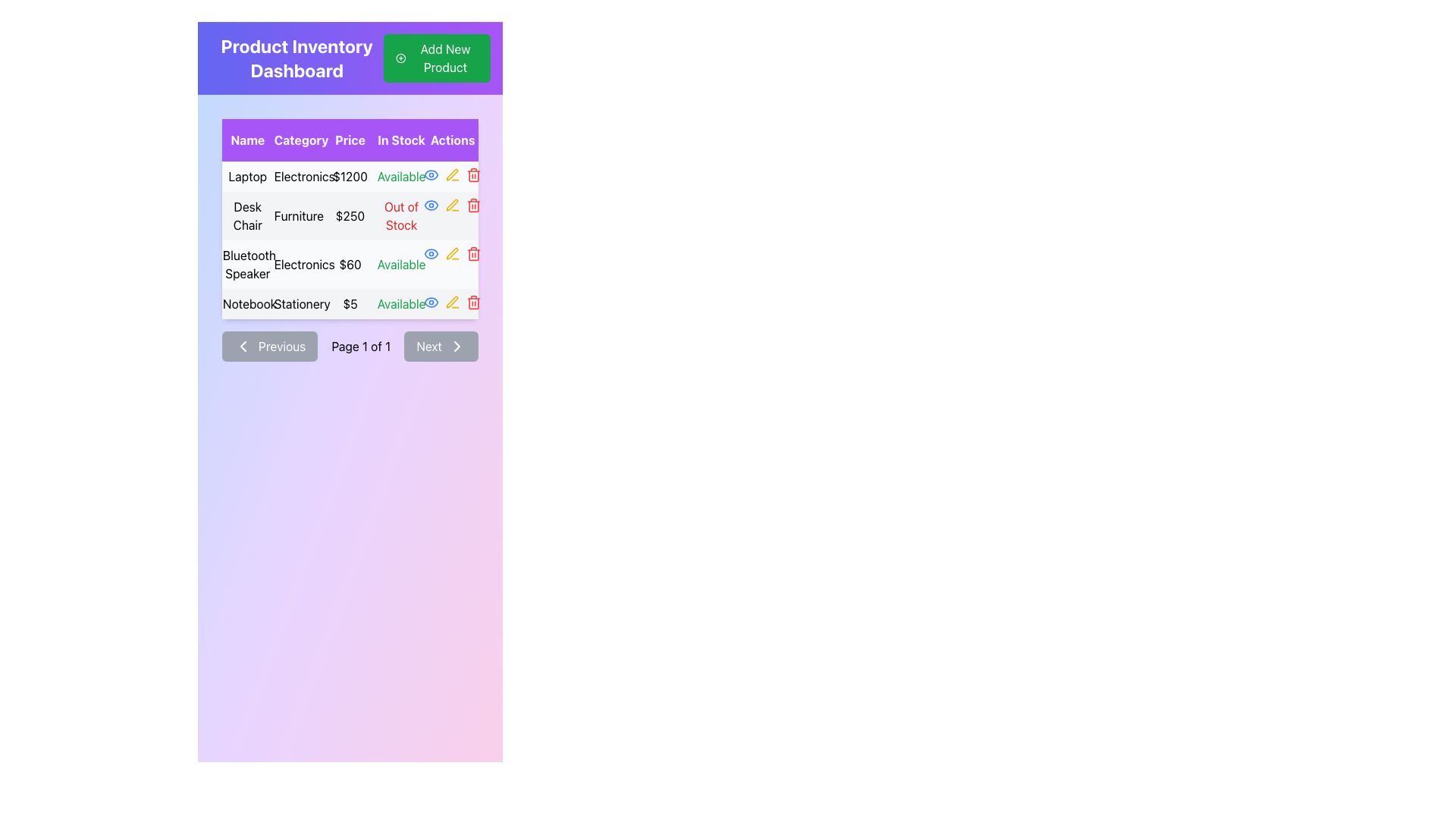  What do you see at coordinates (349, 140) in the screenshot?
I see `the bold white text label 'Price' that is part of the header row in a table, located between the 'Category' and 'In Stock' headers` at bounding box center [349, 140].